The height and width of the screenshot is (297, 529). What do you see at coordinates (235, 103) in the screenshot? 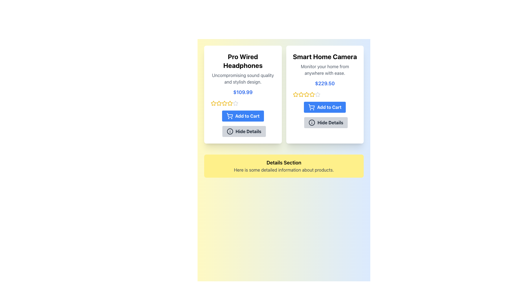
I see `the fourth star in the five-star rating system for the product 'Pro Wired Headphones' to rate it` at bounding box center [235, 103].